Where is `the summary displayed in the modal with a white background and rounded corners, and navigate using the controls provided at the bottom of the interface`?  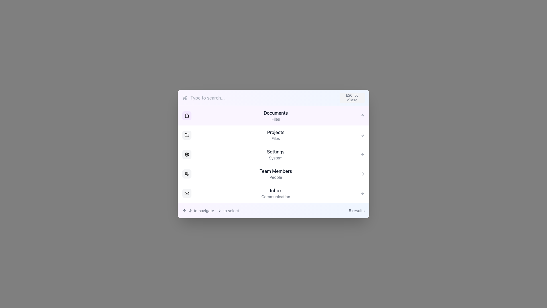
the summary displayed in the modal with a white background and rounded corners, and navigate using the controls provided at the bottom of the interface is located at coordinates (273, 154).